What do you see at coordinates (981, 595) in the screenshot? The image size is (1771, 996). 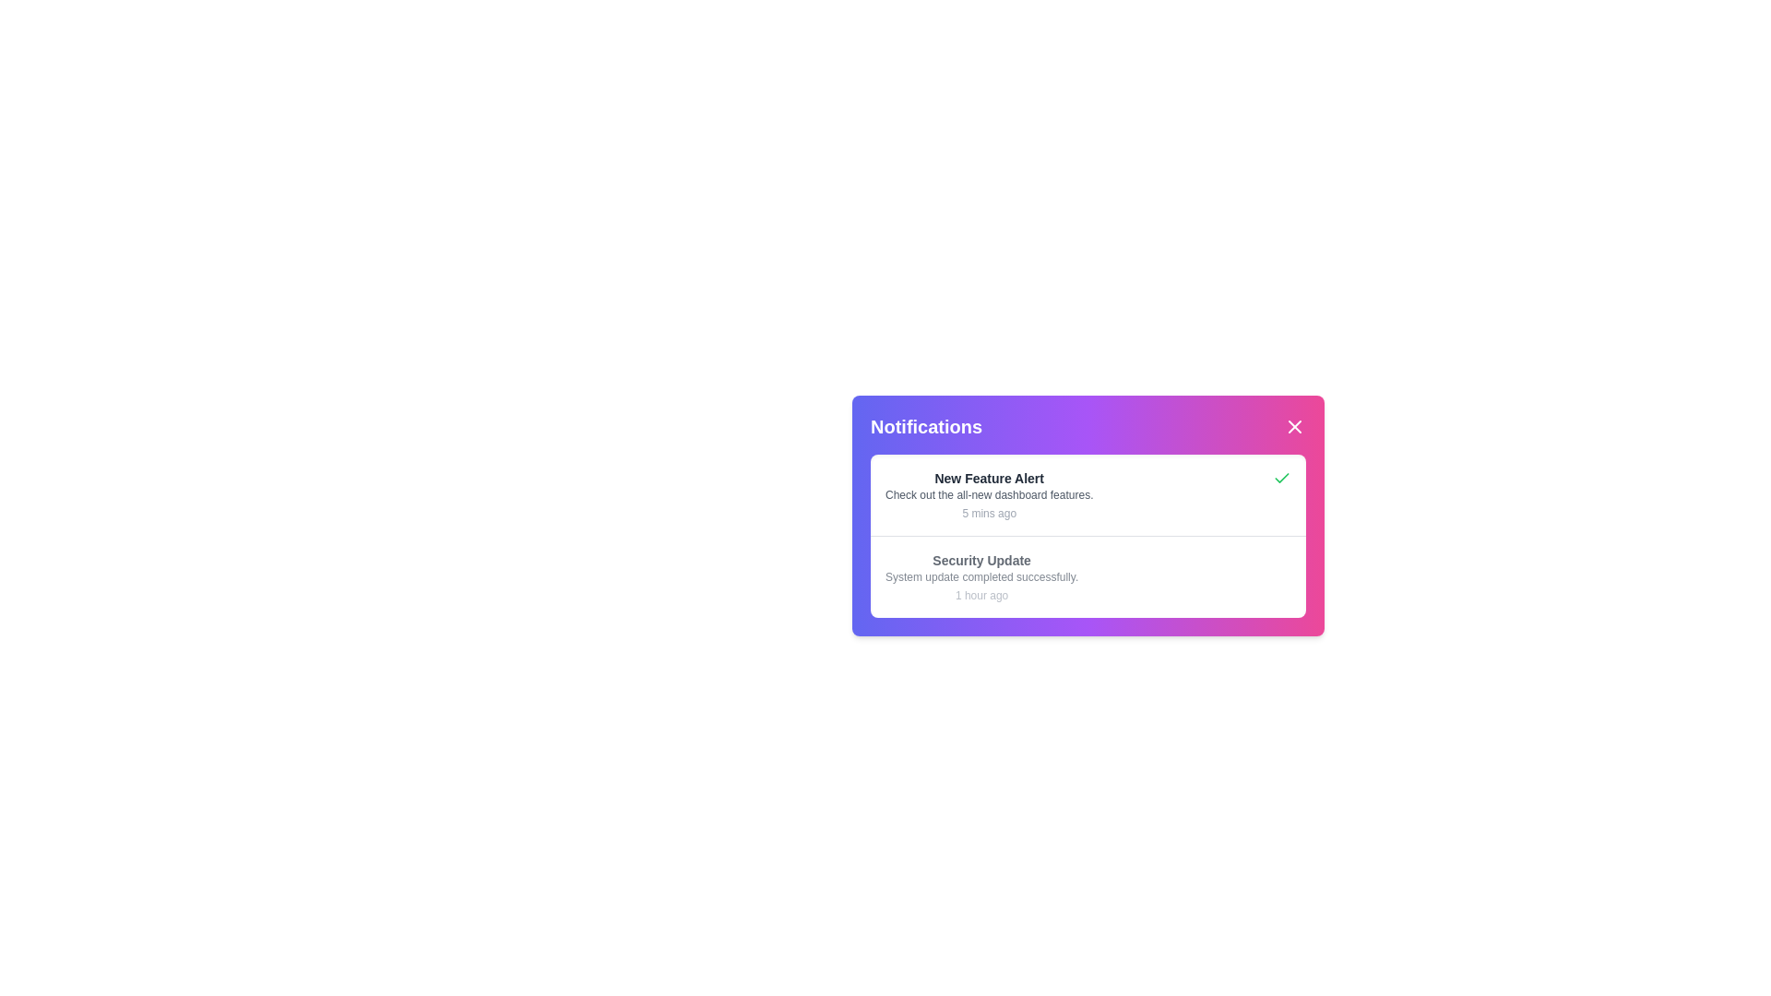 I see `the text element displaying '1 hour ago', which is aligned to the left and located underneath 'System update completed successfully.'` at bounding box center [981, 595].